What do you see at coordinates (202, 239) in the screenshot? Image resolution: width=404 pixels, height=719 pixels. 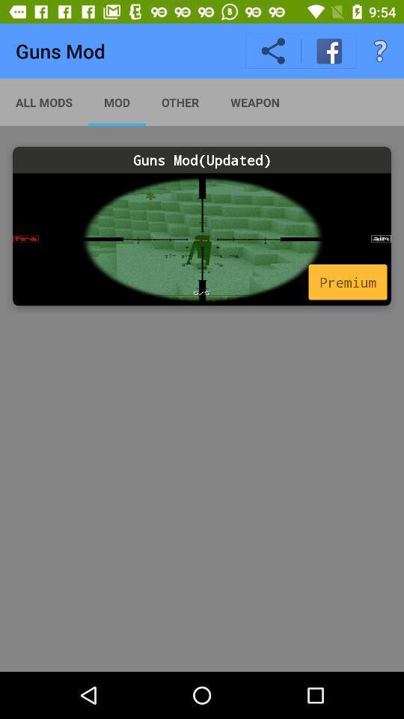 I see `access premium mod content` at bounding box center [202, 239].